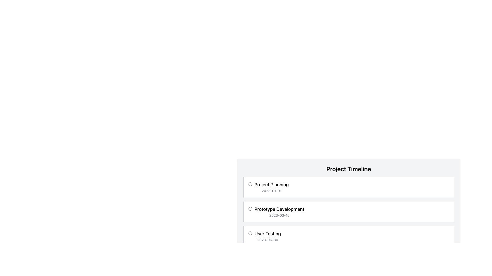 Image resolution: width=492 pixels, height=276 pixels. What do you see at coordinates (250, 233) in the screenshot?
I see `the circular graphic element within the SVG that is styled in a grayish color, located under the 'User Testing' section of the timeline interface` at bounding box center [250, 233].